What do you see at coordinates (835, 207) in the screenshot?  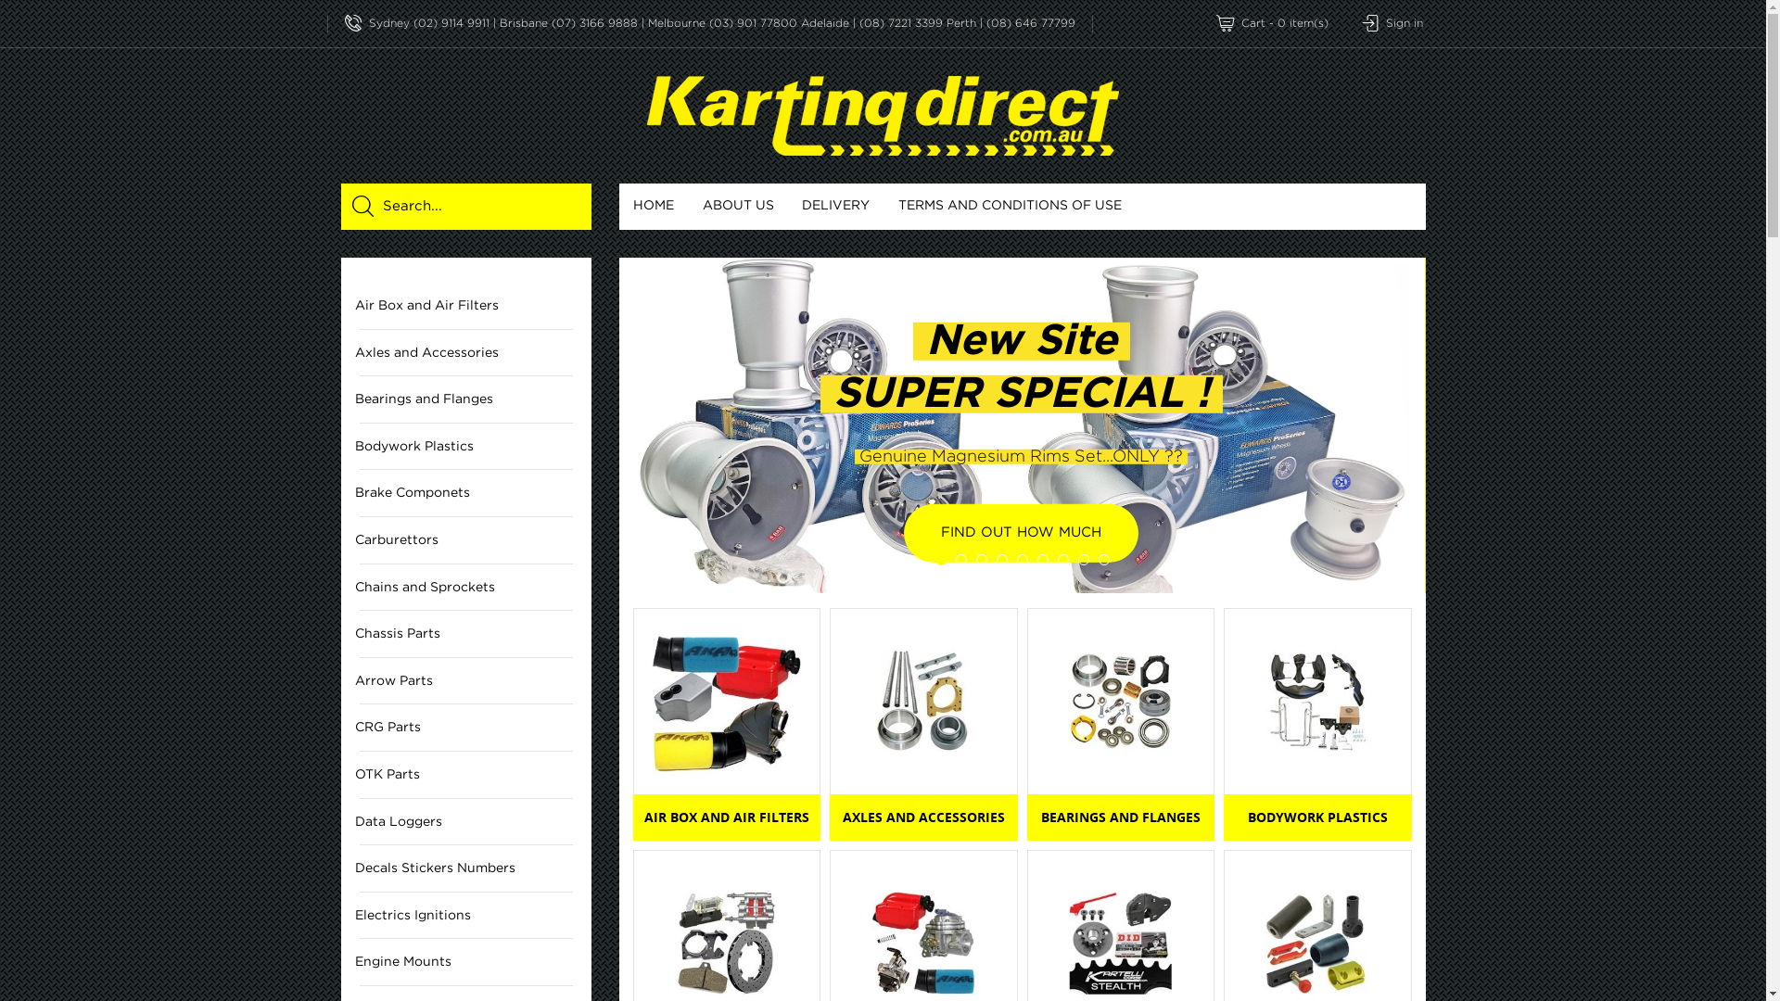 I see `'DELIVERY'` at bounding box center [835, 207].